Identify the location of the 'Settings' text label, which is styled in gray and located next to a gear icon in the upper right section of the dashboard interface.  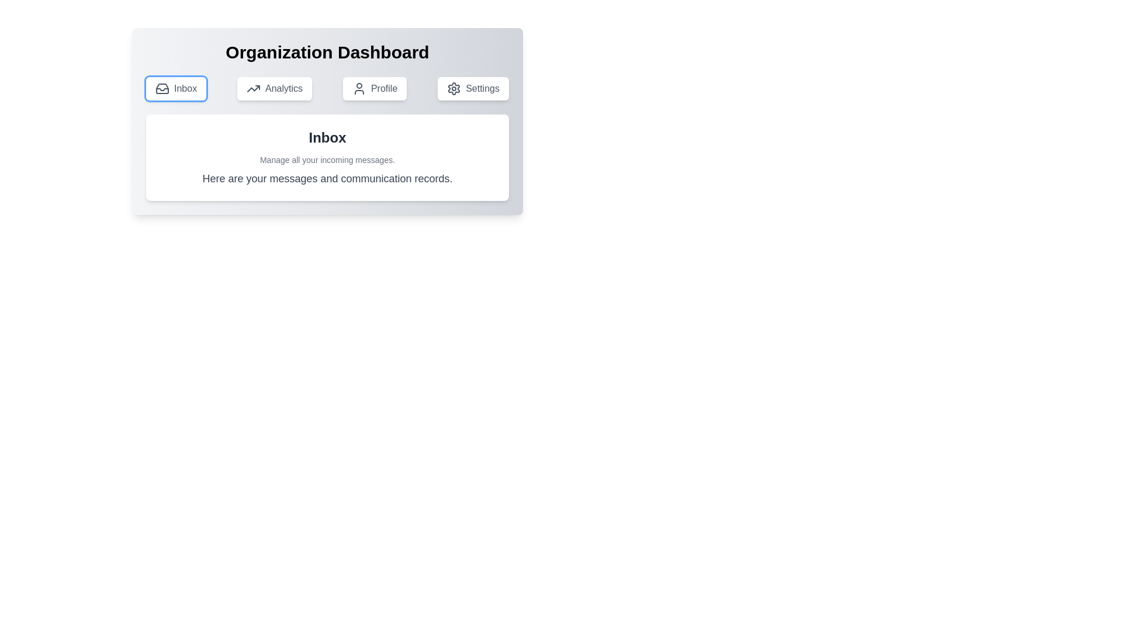
(482, 88).